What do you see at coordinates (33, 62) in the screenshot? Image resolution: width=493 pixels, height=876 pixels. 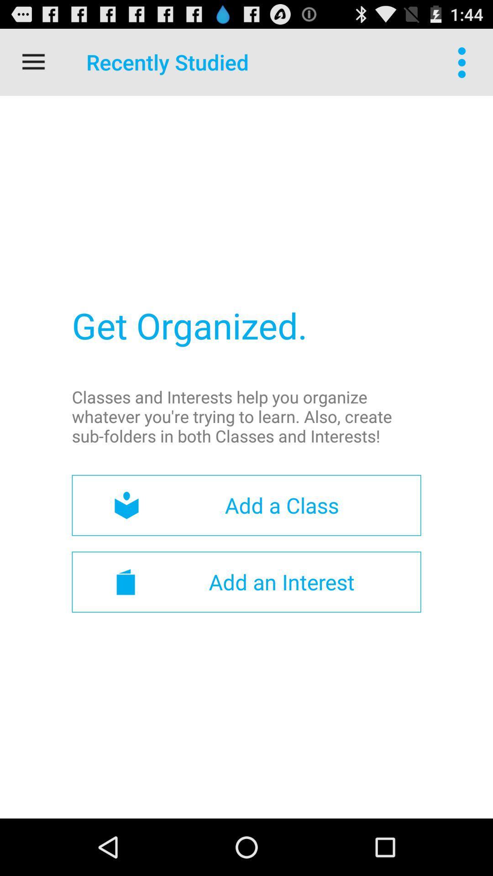 I see `the icon to the left of recently studied icon` at bounding box center [33, 62].